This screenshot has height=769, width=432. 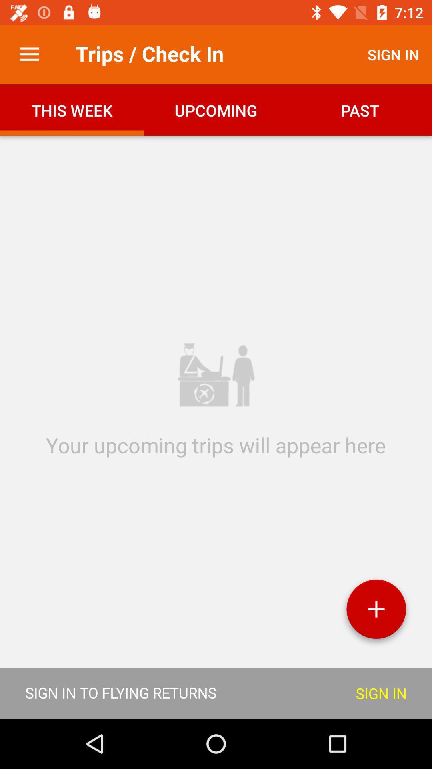 I want to click on the add icon, so click(x=376, y=612).